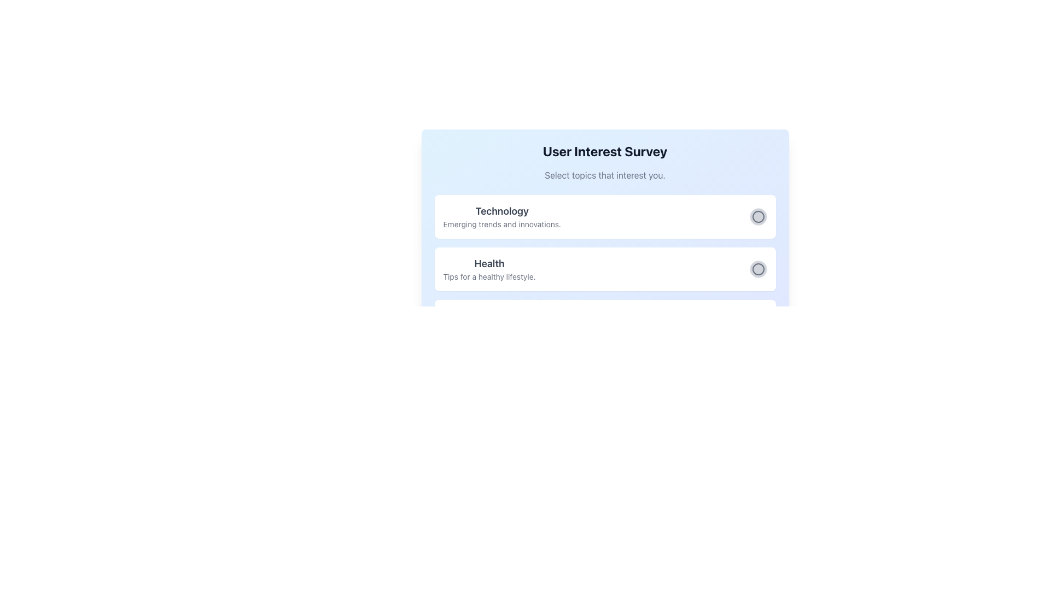  Describe the element at coordinates (604, 151) in the screenshot. I see `the 'User Interest Survey' title text label to check for additional information display` at that location.